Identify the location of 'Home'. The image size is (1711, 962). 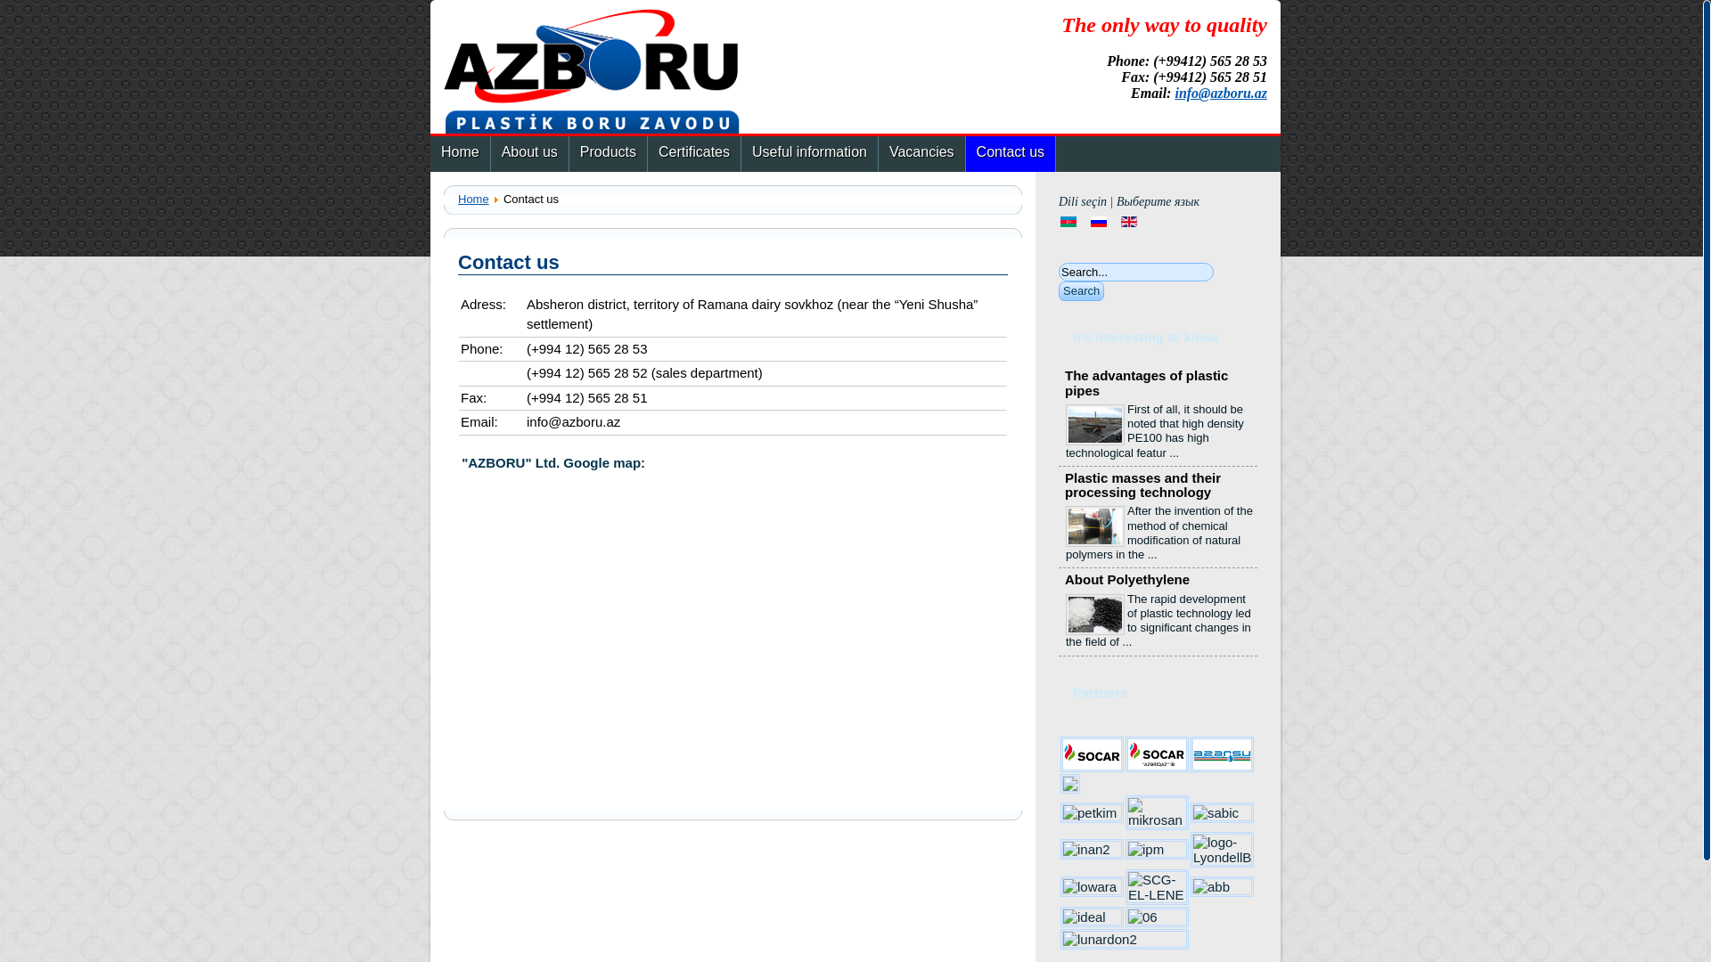
(460, 153).